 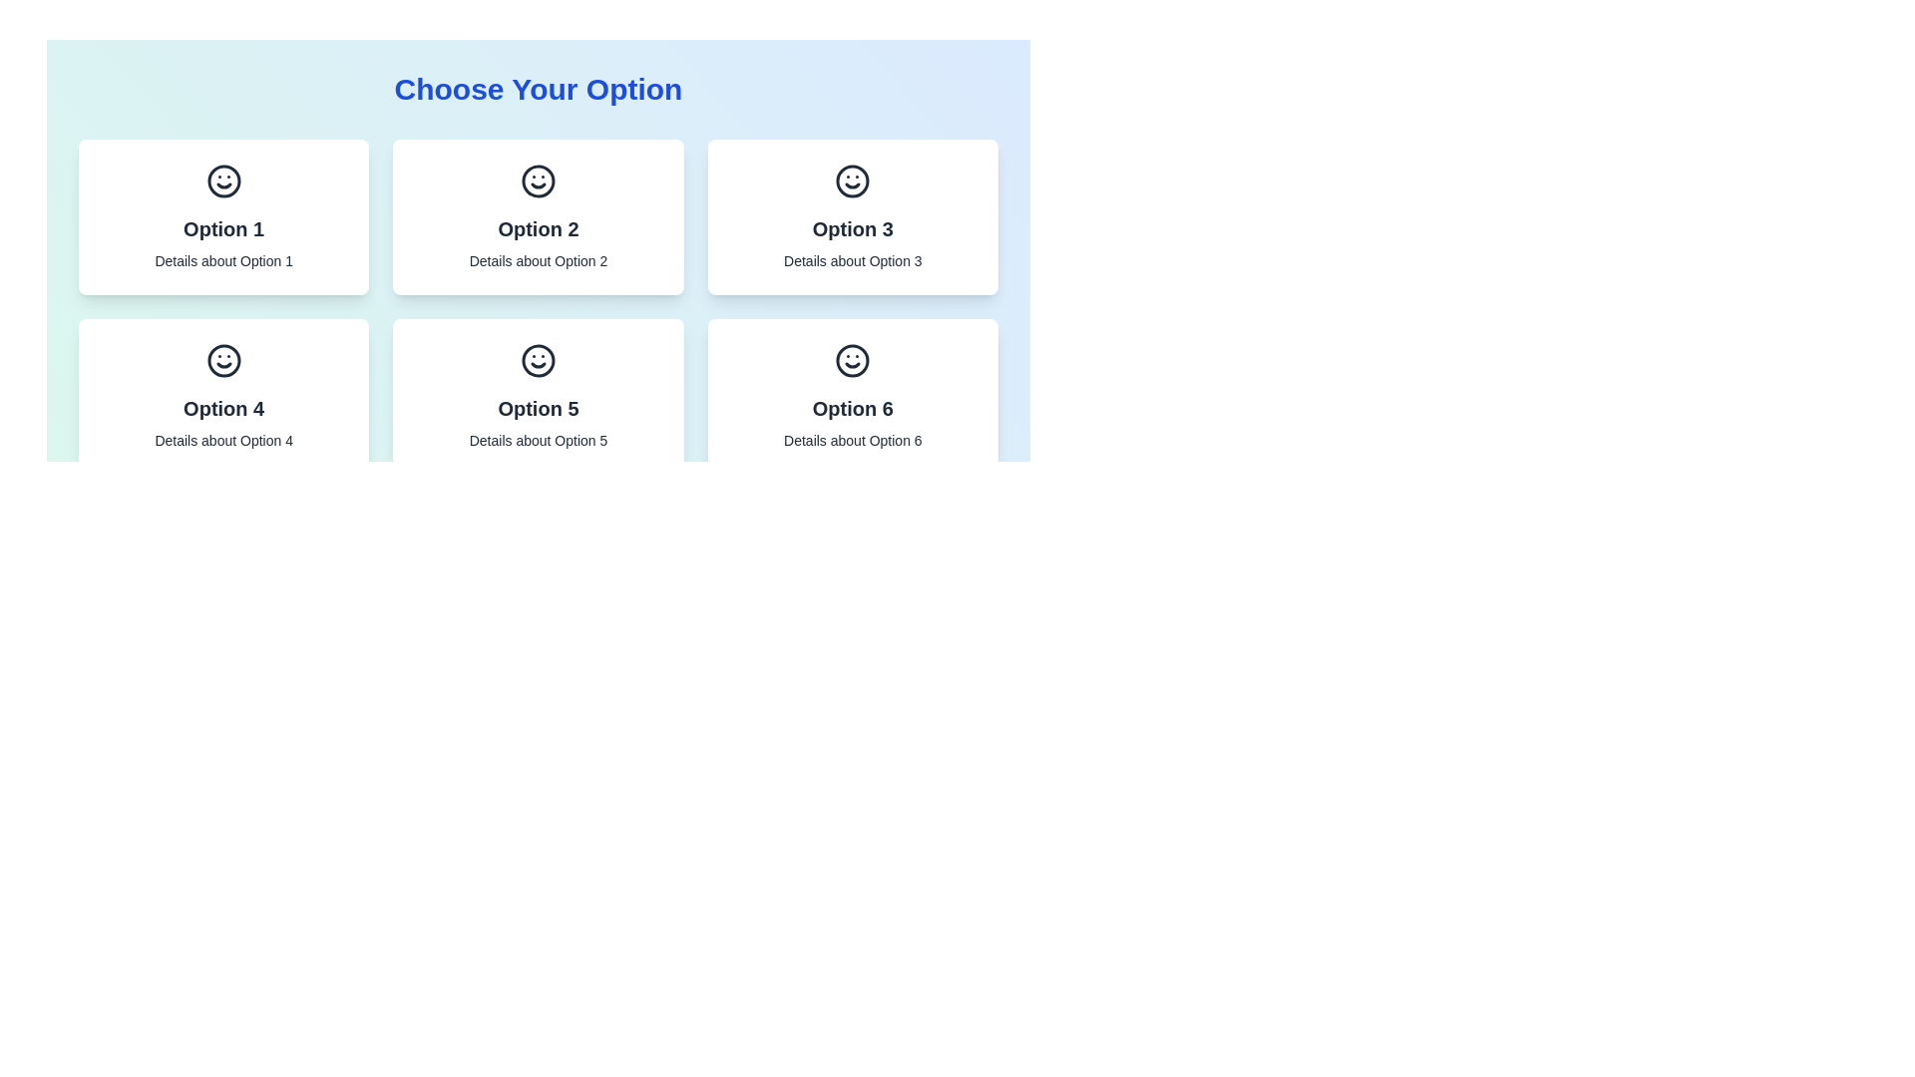 I want to click on the decorative icon that visually identifies the 'Option 5' section, located in the bottom-center row of the interface, above the 'Option 5' title and description, so click(x=538, y=361).